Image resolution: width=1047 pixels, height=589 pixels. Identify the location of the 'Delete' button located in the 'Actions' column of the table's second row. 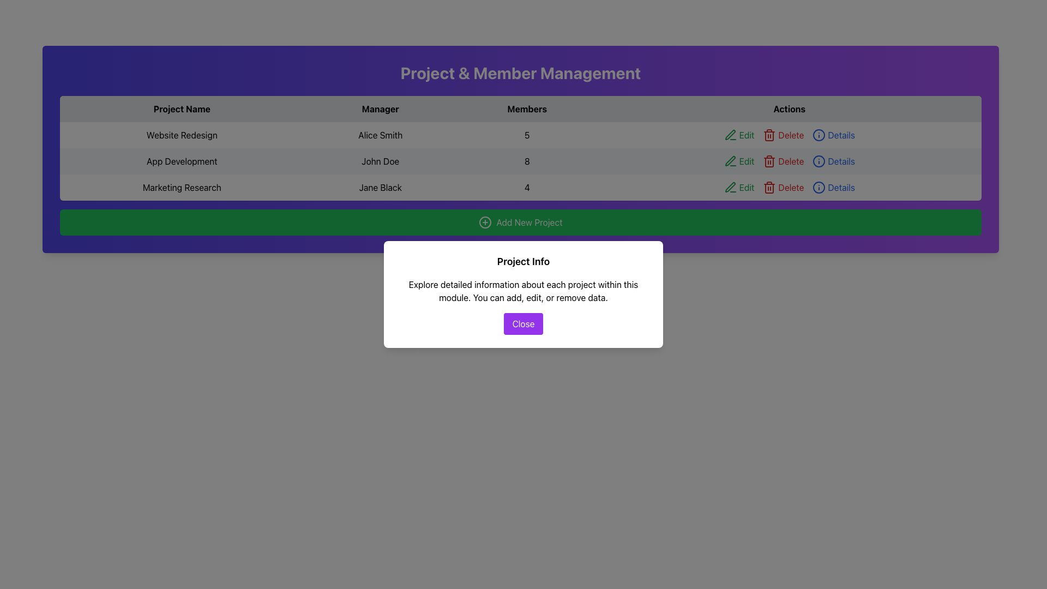
(783, 161).